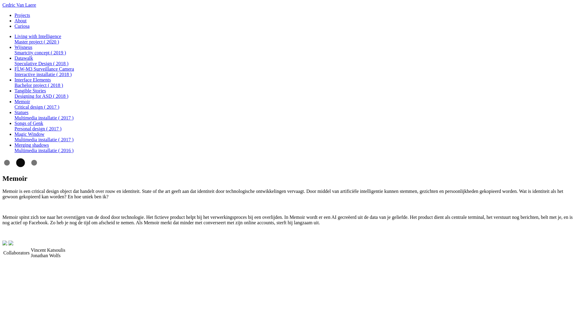  Describe the element at coordinates (20, 20) in the screenshot. I see `'About'` at that location.